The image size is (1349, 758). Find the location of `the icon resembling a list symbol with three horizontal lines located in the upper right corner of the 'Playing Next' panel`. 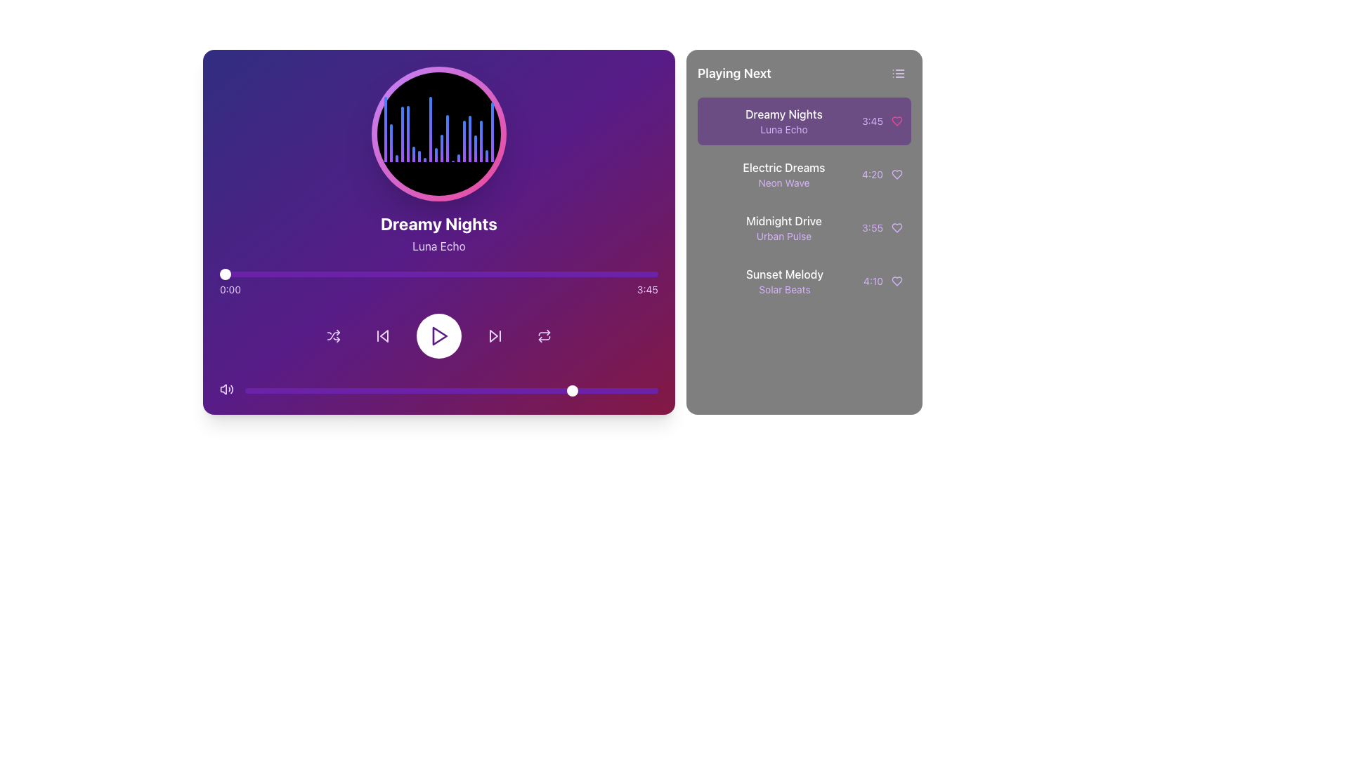

the icon resembling a list symbol with three horizontal lines located in the upper right corner of the 'Playing Next' panel is located at coordinates (897, 73).